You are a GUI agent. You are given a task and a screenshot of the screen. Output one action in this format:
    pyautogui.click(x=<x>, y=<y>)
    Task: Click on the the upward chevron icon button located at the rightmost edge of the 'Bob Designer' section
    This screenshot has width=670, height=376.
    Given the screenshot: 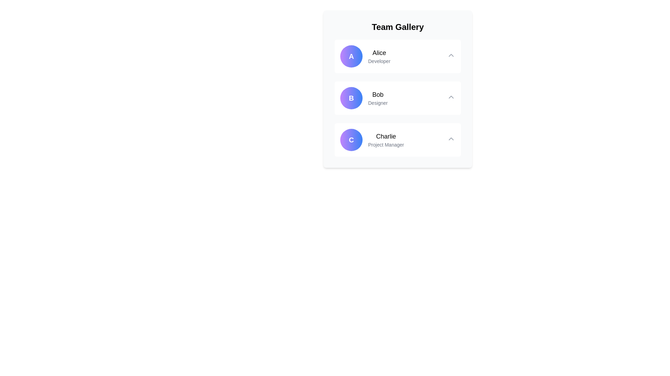 What is the action you would take?
    pyautogui.click(x=451, y=98)
    